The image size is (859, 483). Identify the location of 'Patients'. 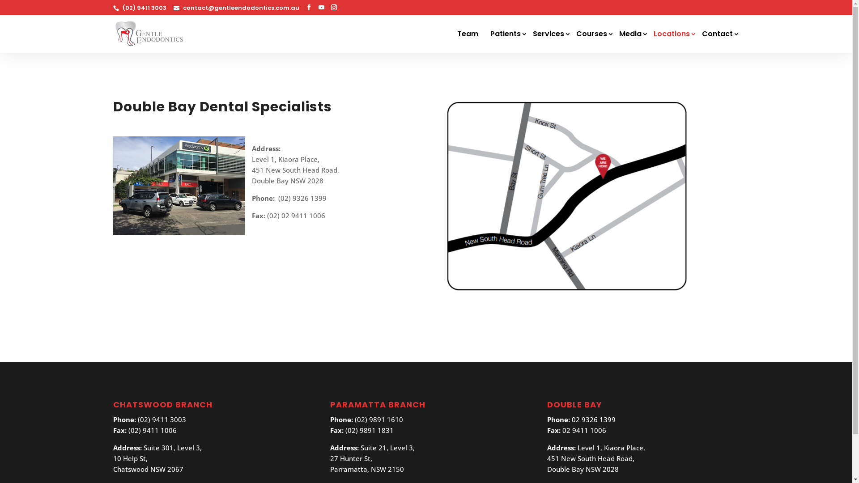
(509, 41).